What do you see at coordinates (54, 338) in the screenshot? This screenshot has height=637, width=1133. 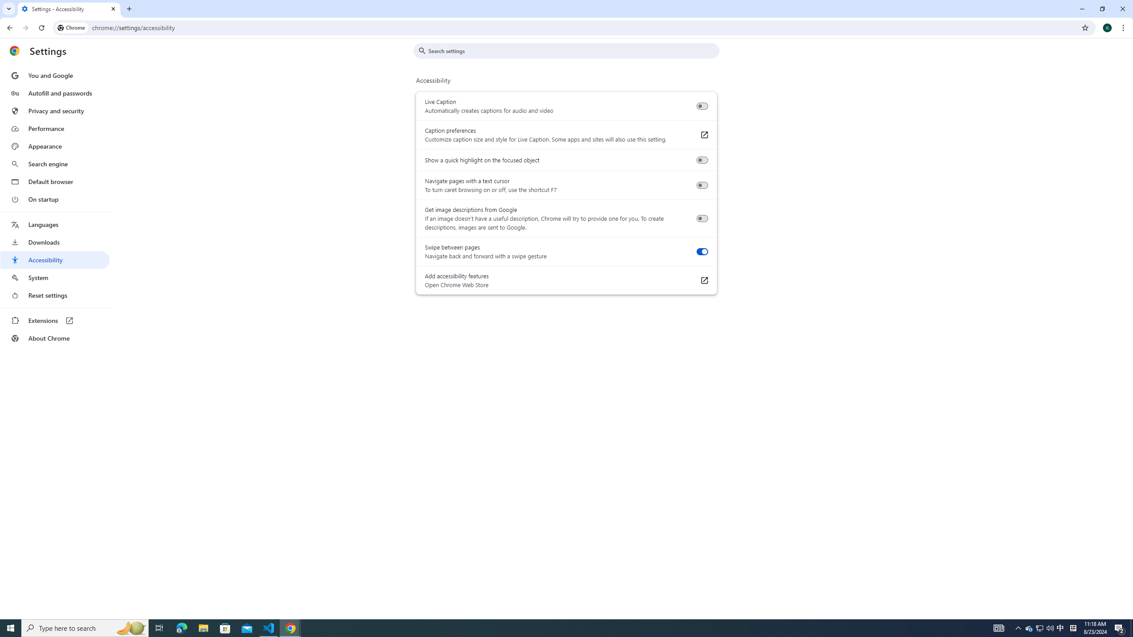 I see `'About Chrome'` at bounding box center [54, 338].